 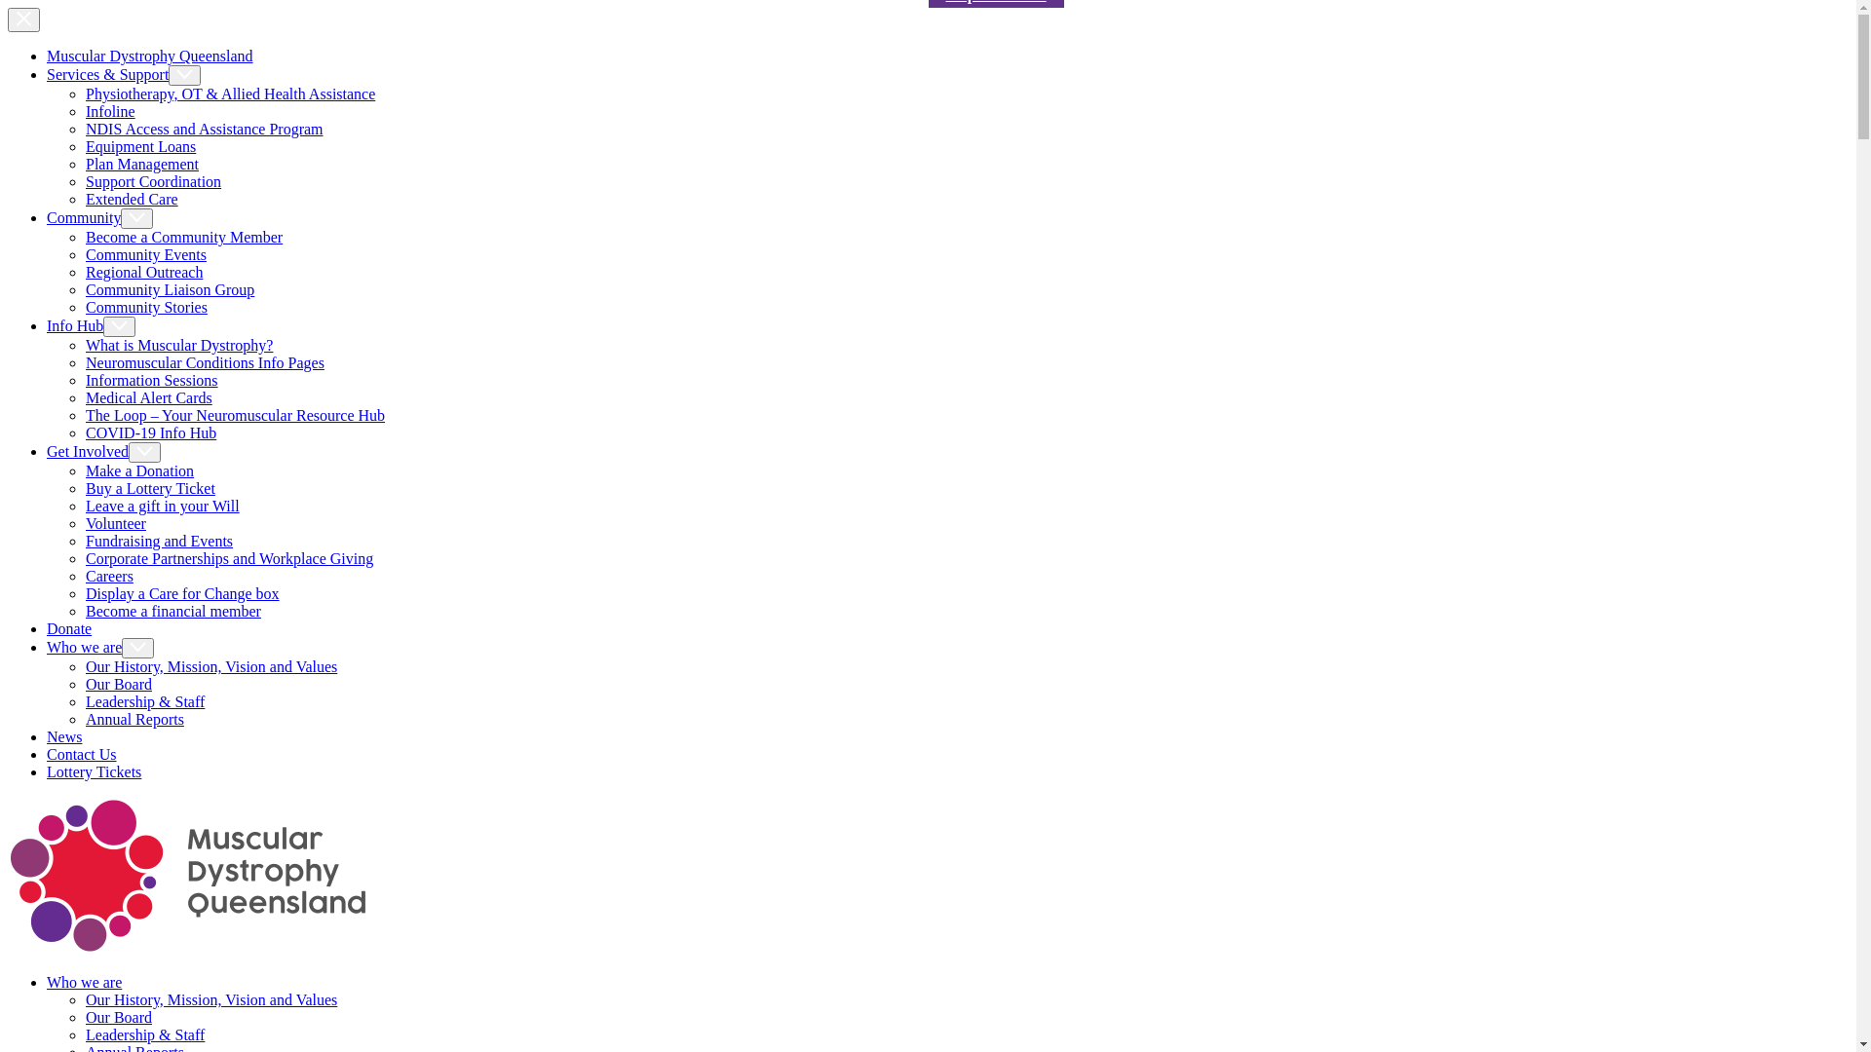 I want to click on 'What is Muscular Dystrophy?', so click(x=178, y=344).